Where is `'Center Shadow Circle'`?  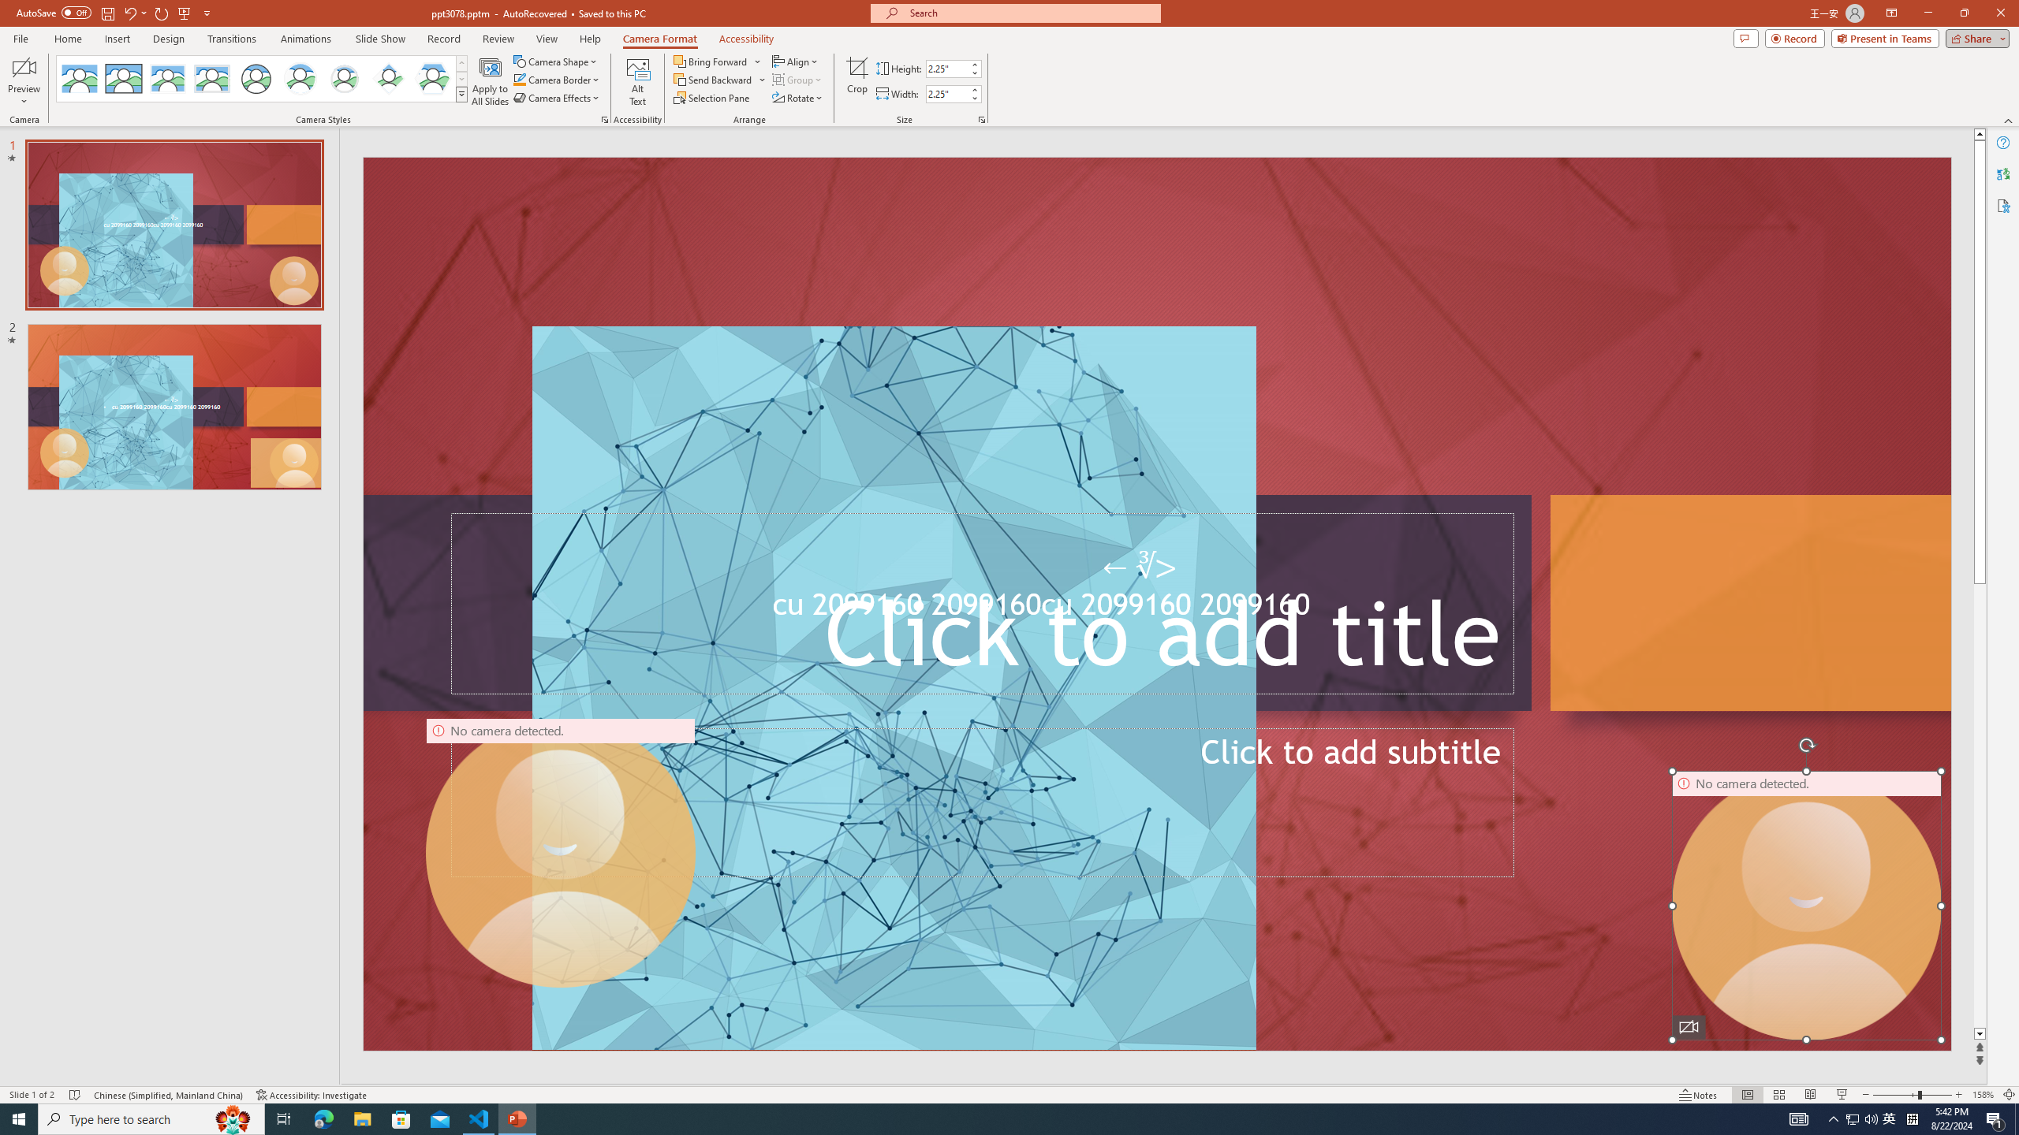
'Center Shadow Circle' is located at coordinates (300, 78).